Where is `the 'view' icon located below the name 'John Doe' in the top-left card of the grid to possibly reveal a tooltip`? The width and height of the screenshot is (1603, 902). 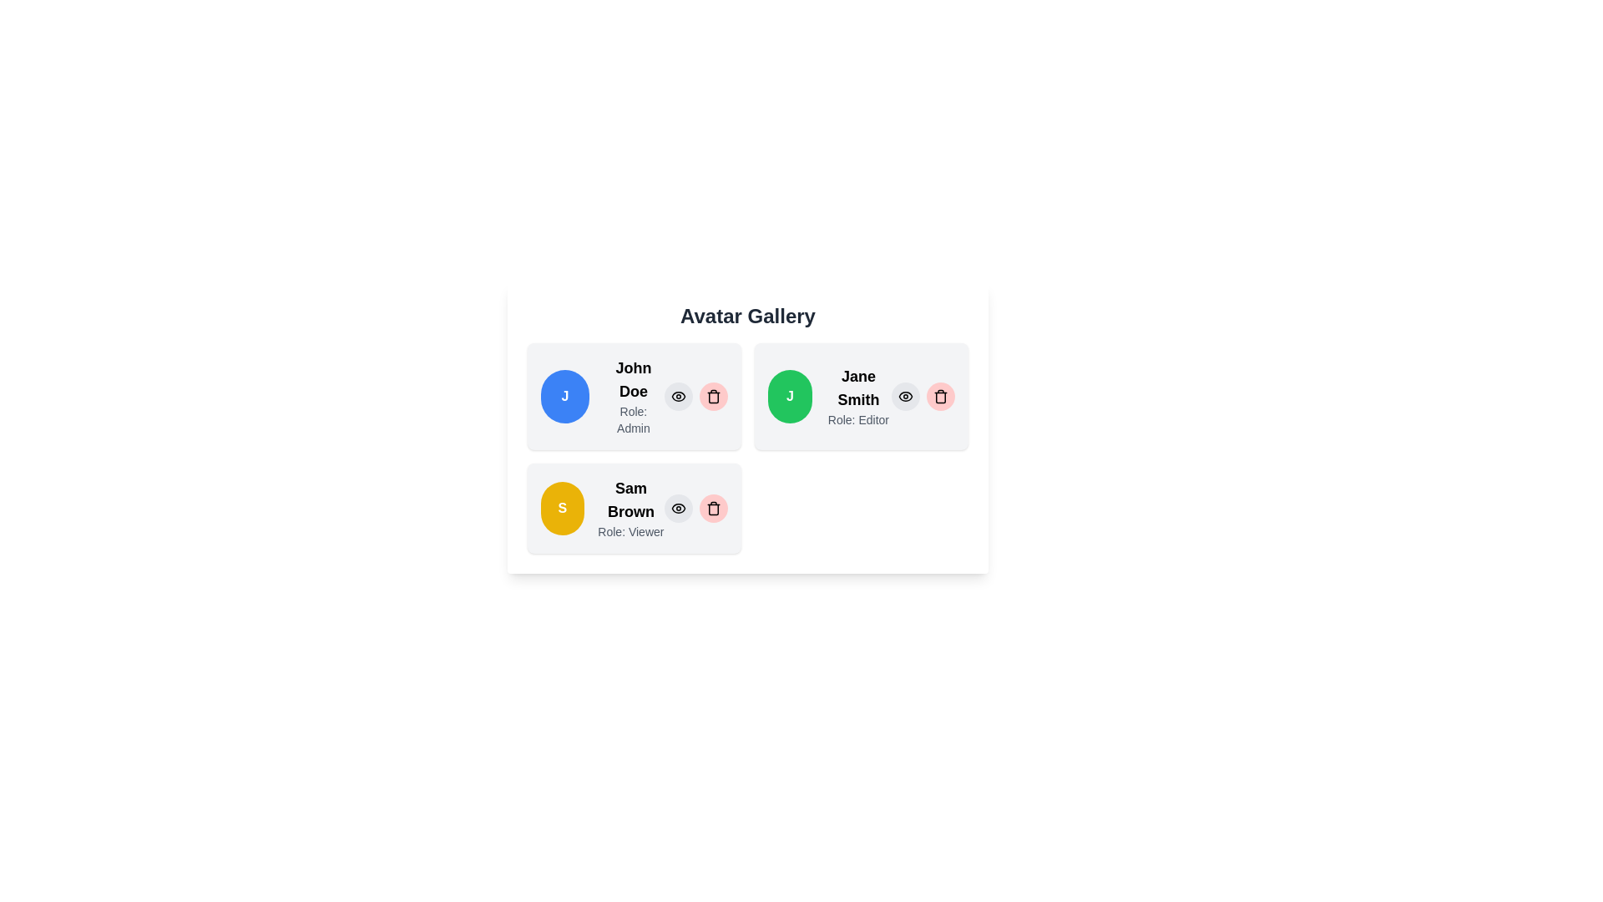
the 'view' icon located below the name 'John Doe' in the top-left card of the grid to possibly reveal a tooltip is located at coordinates (904, 396).